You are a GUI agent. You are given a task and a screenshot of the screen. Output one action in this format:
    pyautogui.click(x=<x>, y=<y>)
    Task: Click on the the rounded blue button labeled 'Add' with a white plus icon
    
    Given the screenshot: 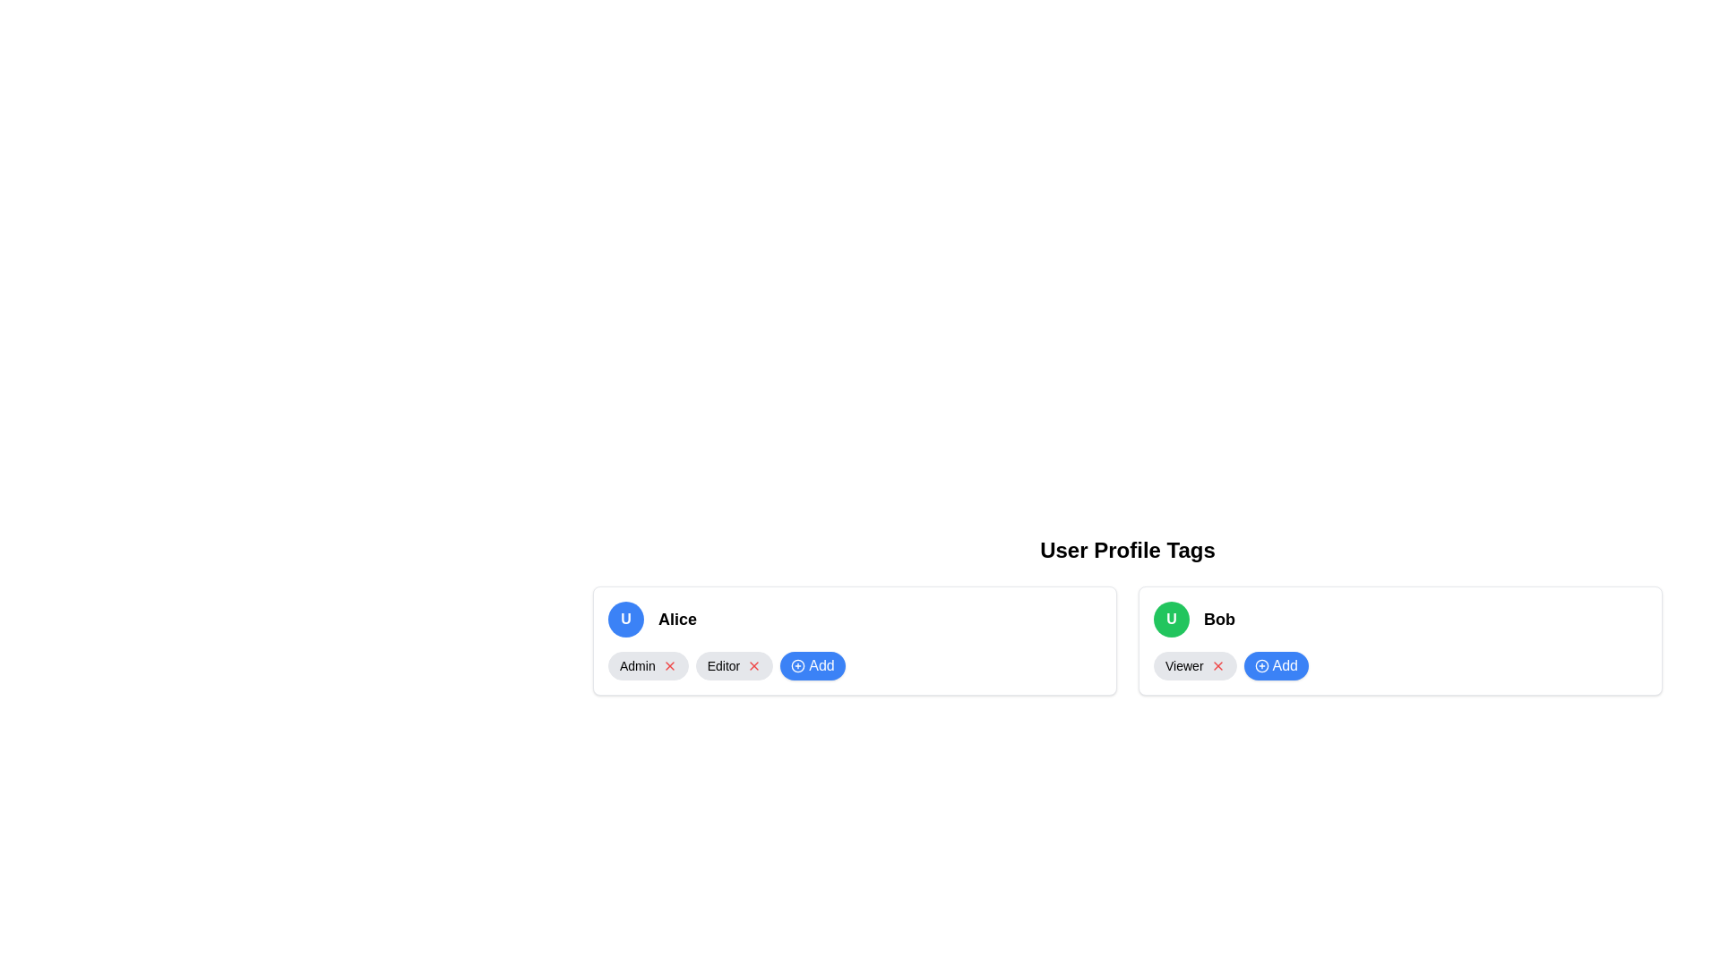 What is the action you would take?
    pyautogui.click(x=1275, y=666)
    